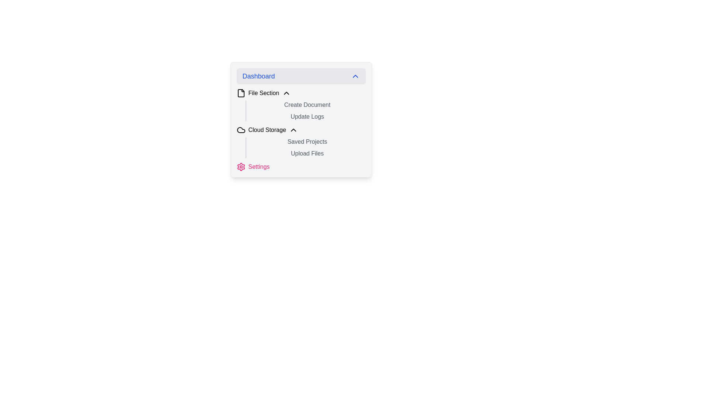 The width and height of the screenshot is (708, 398). What do you see at coordinates (306, 153) in the screenshot?
I see `the 'Upload Files' text link in the 'Cloud Storage' subsection of the vertical navigation menu to change its color from gray to black` at bounding box center [306, 153].